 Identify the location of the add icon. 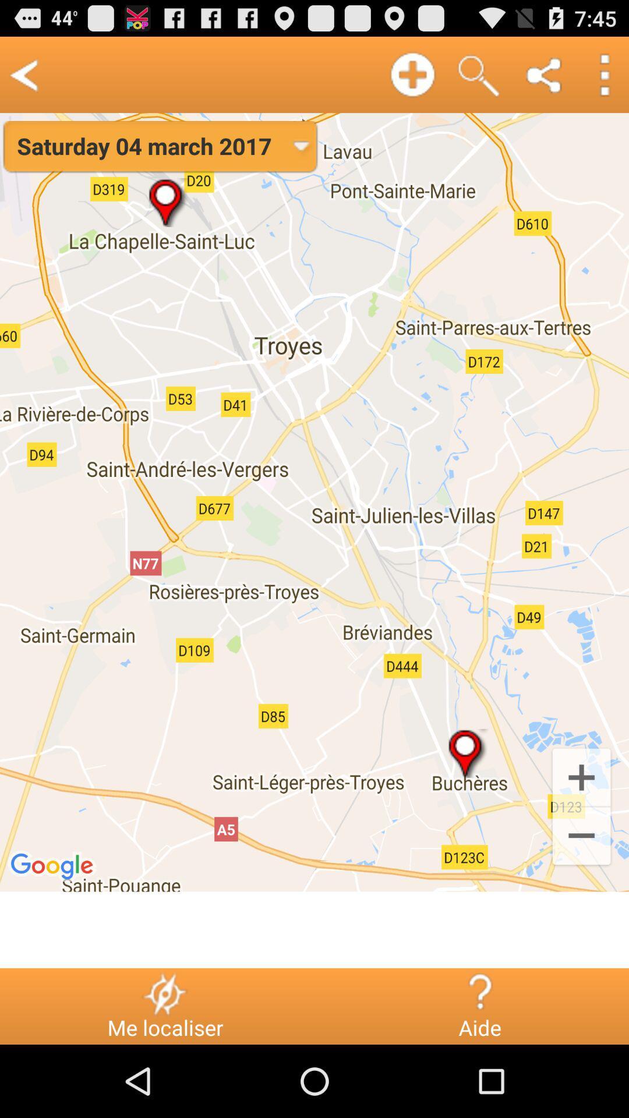
(412, 79).